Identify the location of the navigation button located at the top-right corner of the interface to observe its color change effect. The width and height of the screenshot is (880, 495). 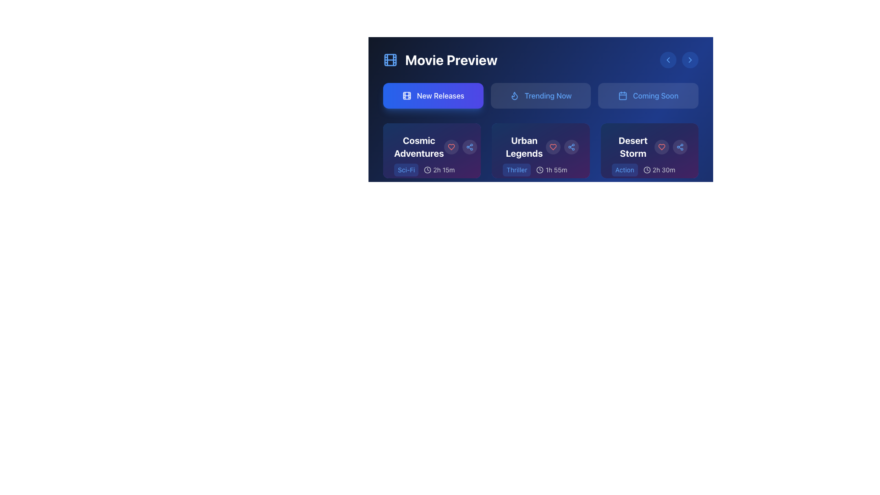
(690, 60).